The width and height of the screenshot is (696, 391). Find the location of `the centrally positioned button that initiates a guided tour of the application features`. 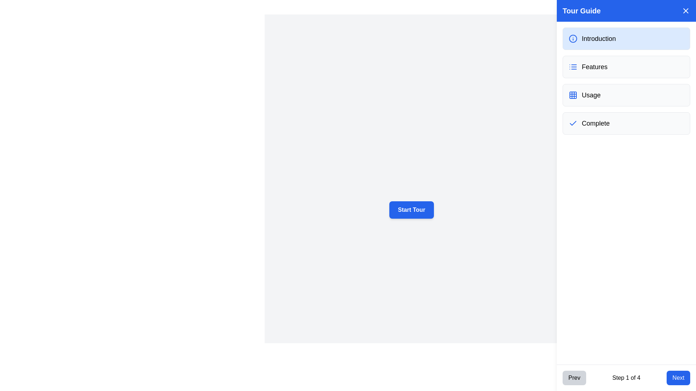

the centrally positioned button that initiates a guided tour of the application features is located at coordinates (411, 210).